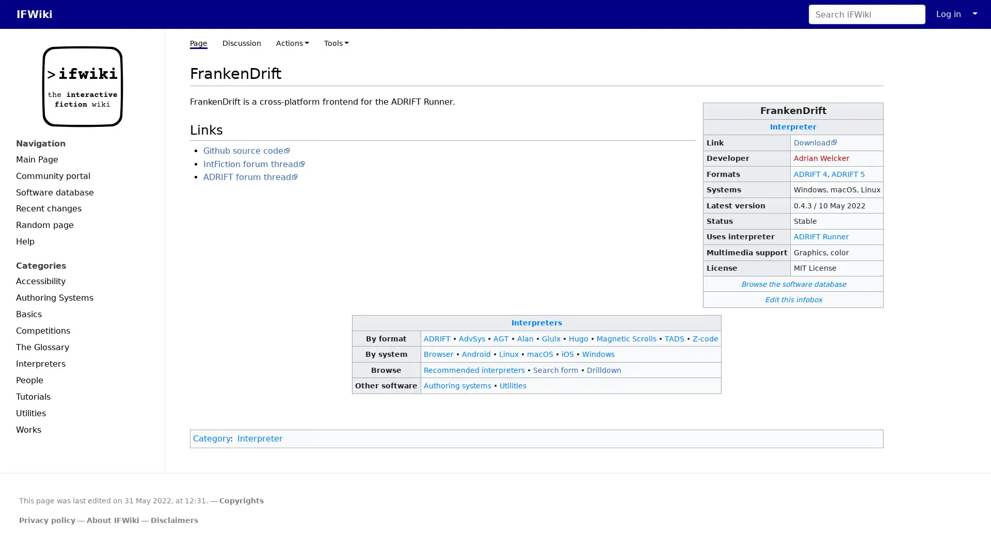 Image resolution: width=991 pixels, height=557 pixels. I want to click on Categories, so click(82, 265).